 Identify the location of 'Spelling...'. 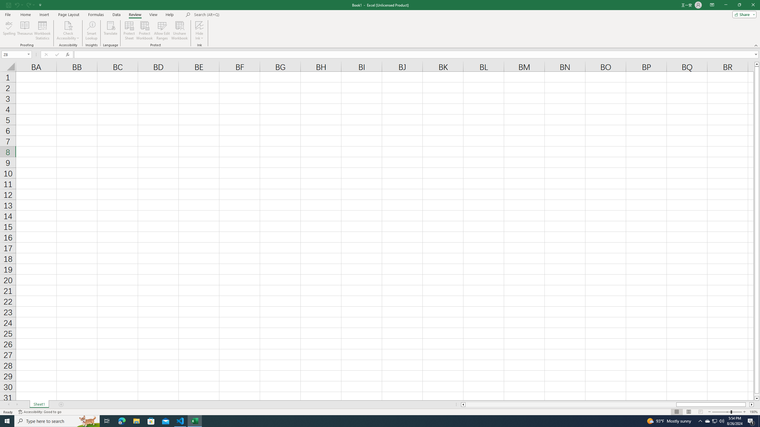
(9, 31).